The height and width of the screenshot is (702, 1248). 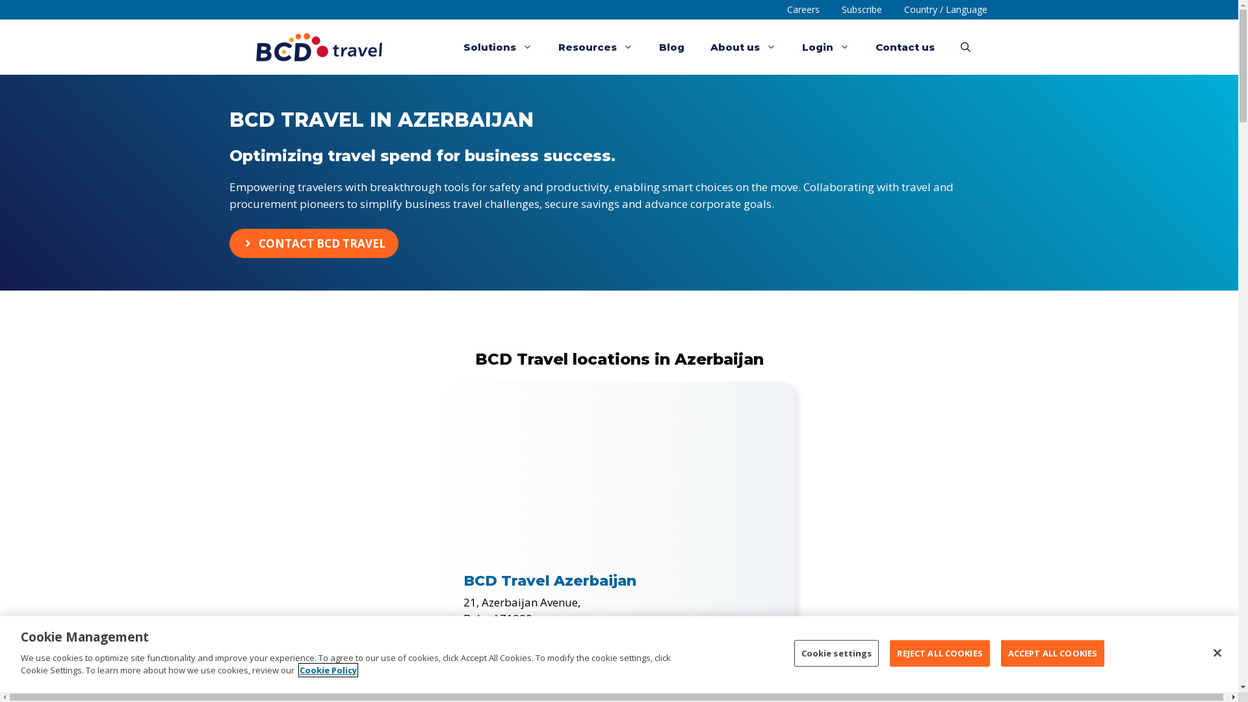 I want to click on 'Login', so click(x=825, y=46).